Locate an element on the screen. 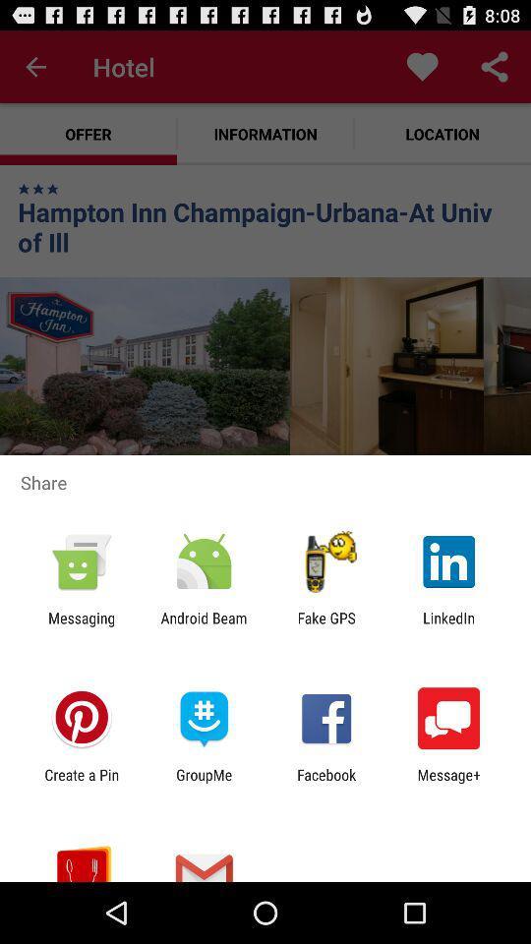  item next to message+ item is located at coordinates (326, 783).